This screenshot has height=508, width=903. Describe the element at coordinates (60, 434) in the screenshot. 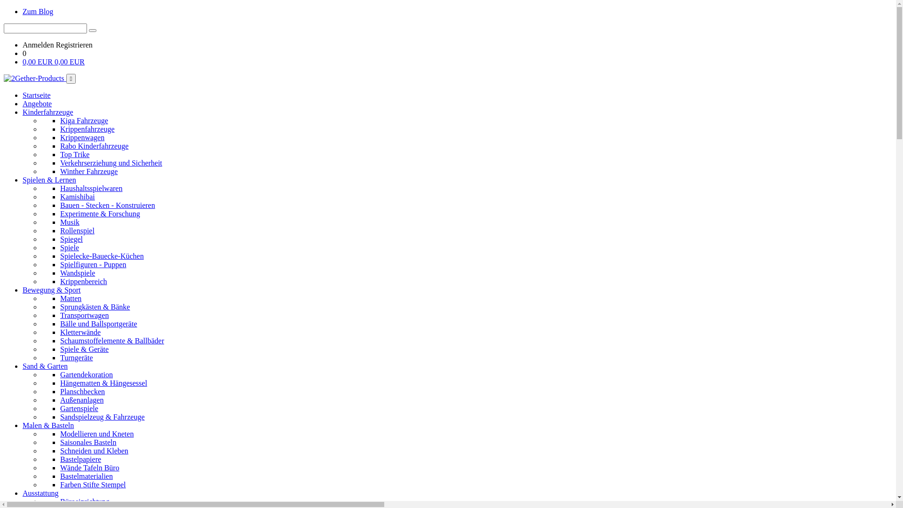

I see `'Modellieren und Kneten'` at that location.